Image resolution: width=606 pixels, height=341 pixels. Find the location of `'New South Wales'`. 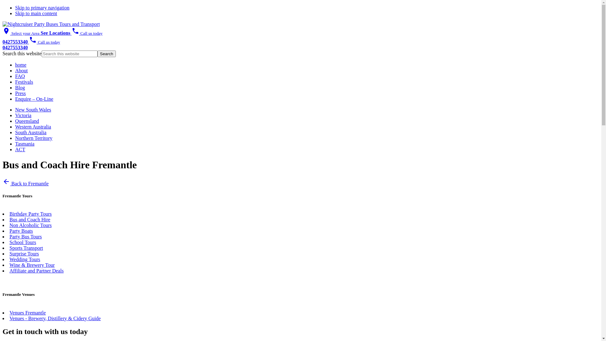

'New South Wales' is located at coordinates (33, 109).